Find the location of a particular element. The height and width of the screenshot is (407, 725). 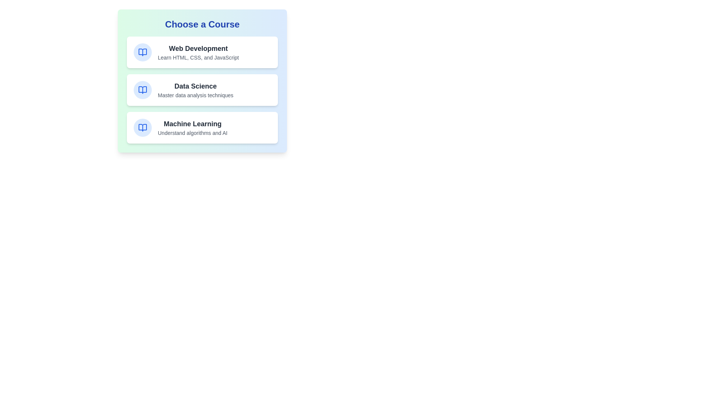

the 'Data Science' SVG Icon, which is is located at coordinates (143, 90).